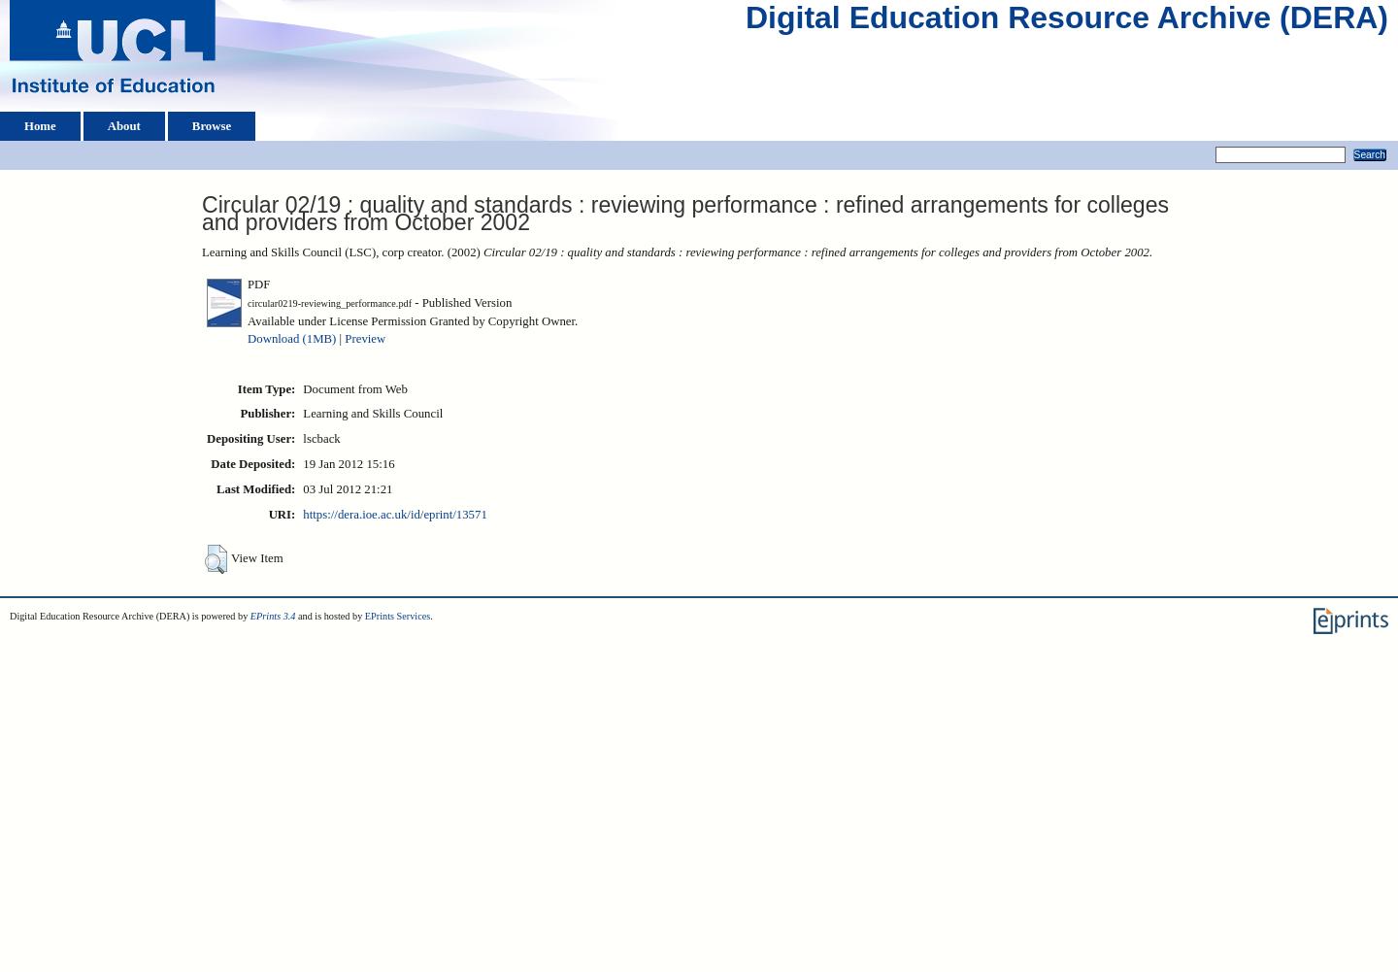 Image resolution: width=1398 pixels, height=972 pixels. Describe the element at coordinates (363, 339) in the screenshot. I see `'Preview'` at that location.